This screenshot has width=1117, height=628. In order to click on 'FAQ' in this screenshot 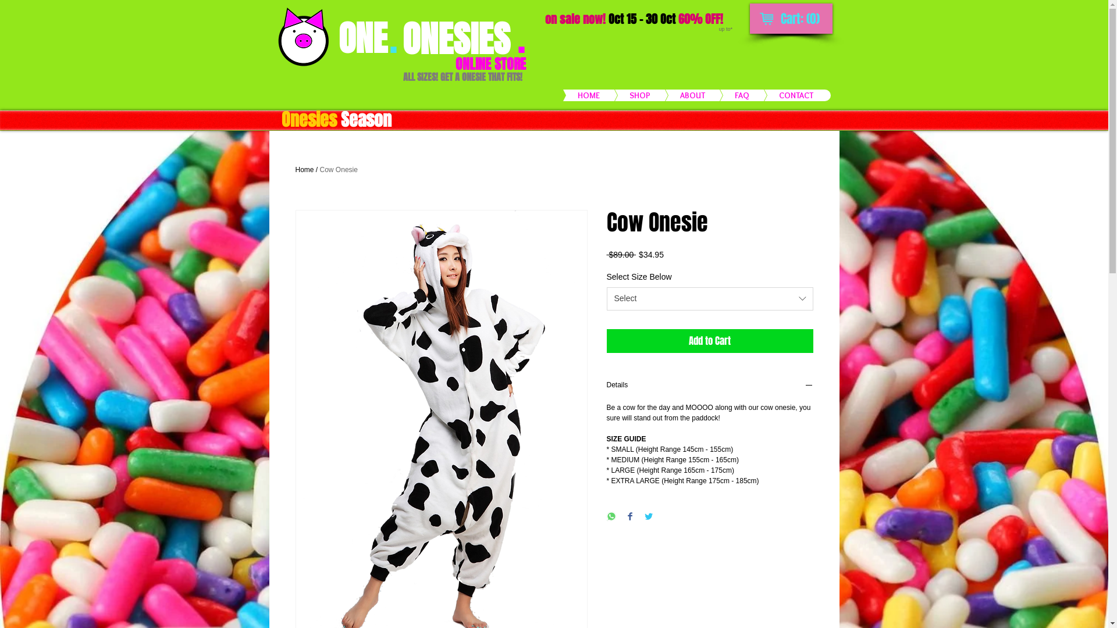, I will do `click(723, 95)`.